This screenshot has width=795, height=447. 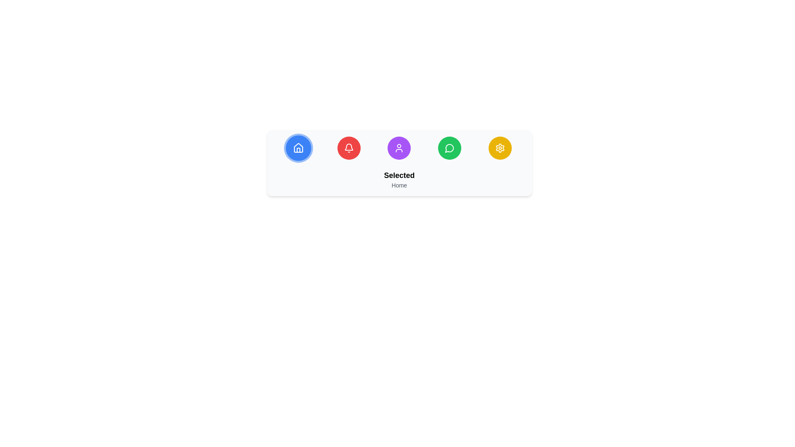 I want to click on the 'Home' icon button, which is visually distinguished by its circular blue background and is positioned as the farthest left option among a horizontal row of interactive icons, so click(x=298, y=148).